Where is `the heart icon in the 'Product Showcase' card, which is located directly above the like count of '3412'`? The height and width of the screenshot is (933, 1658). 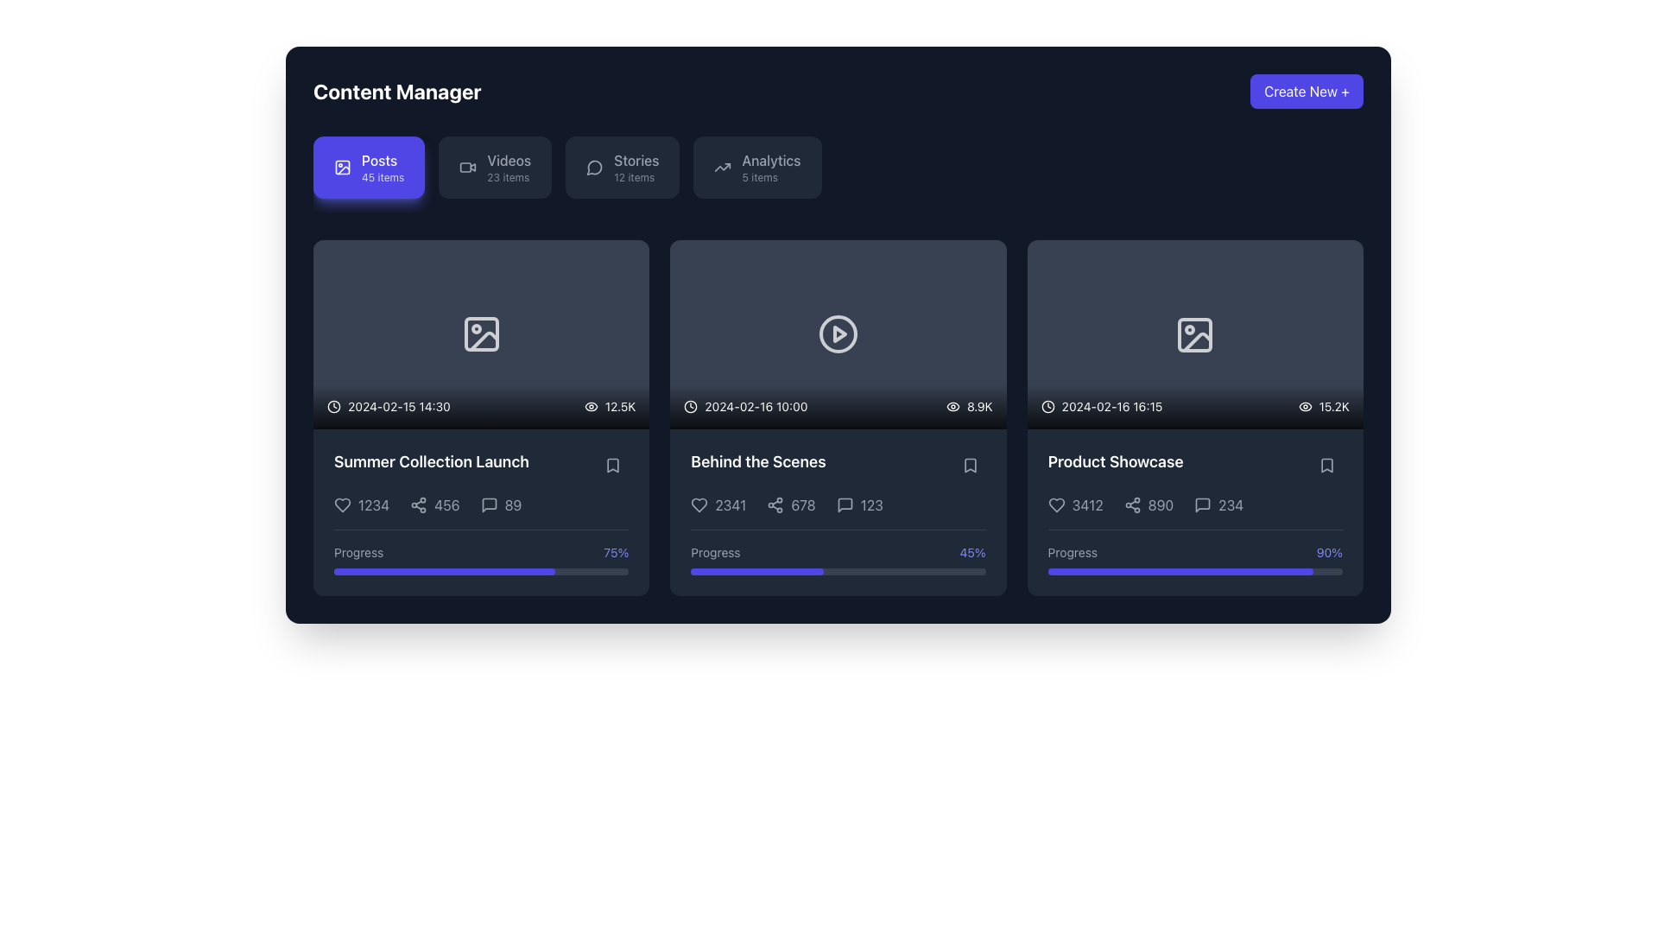
the heart icon in the 'Product Showcase' card, which is located directly above the like count of '3412' is located at coordinates (1055, 505).